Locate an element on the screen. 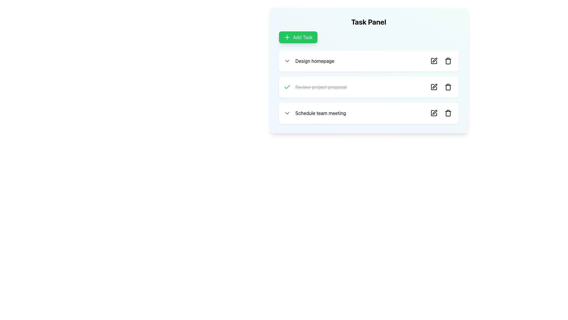  the delete icon button located to the far right of the 'Review project proposal' task item is located at coordinates (448, 87).